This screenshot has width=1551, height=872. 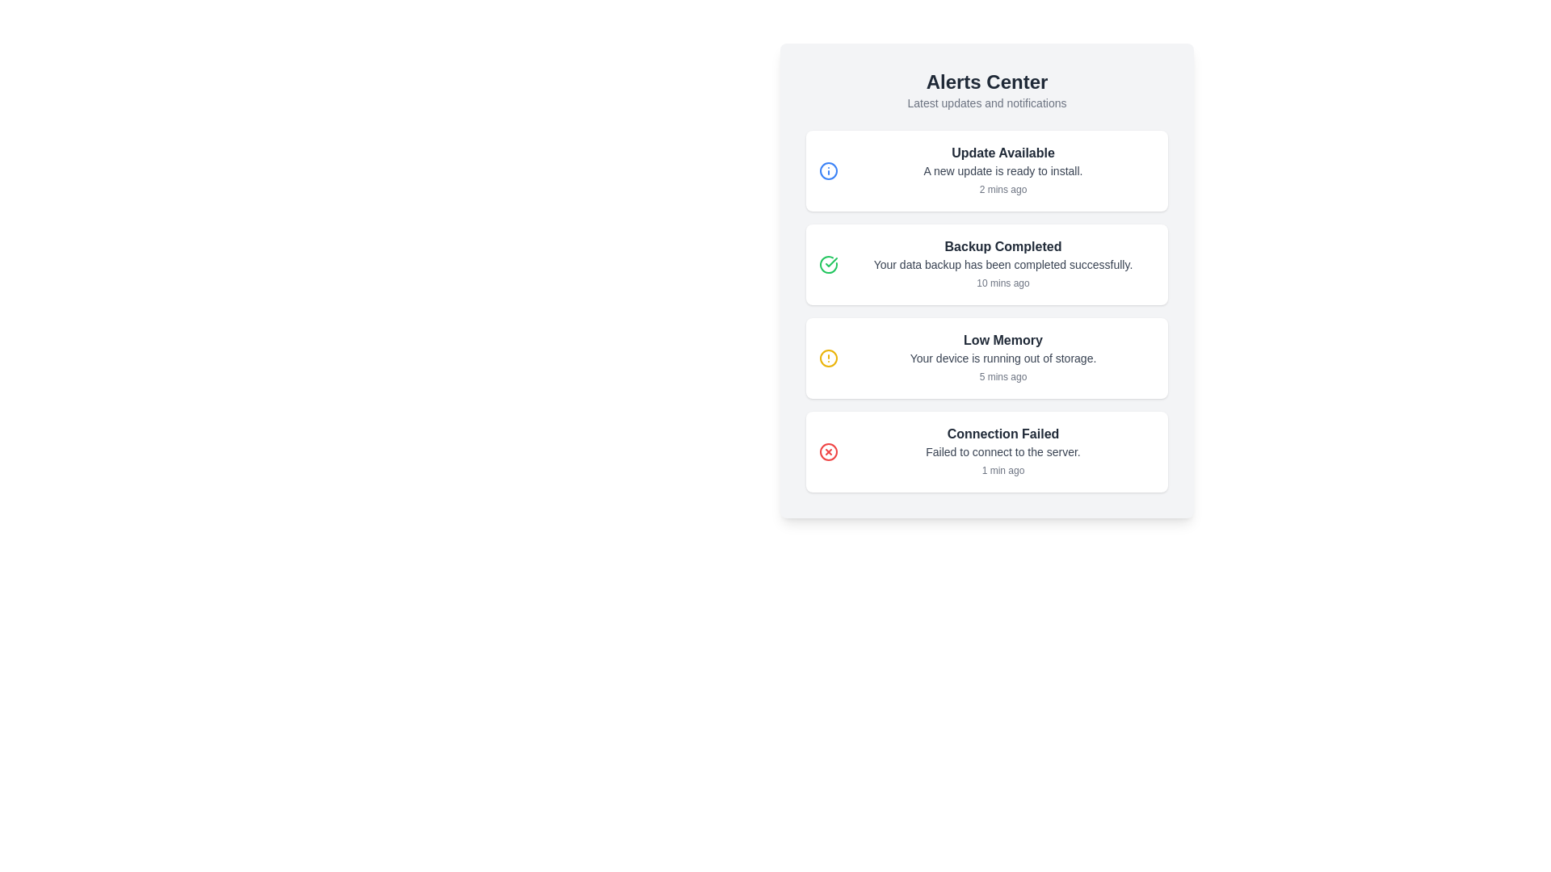 What do you see at coordinates (986, 357) in the screenshot?
I see `the 'Low Memory' notification card, which is the third card in a vertical list of notifications, displaying a yellow warning icon and the message 'Your device is running out of storage'` at bounding box center [986, 357].